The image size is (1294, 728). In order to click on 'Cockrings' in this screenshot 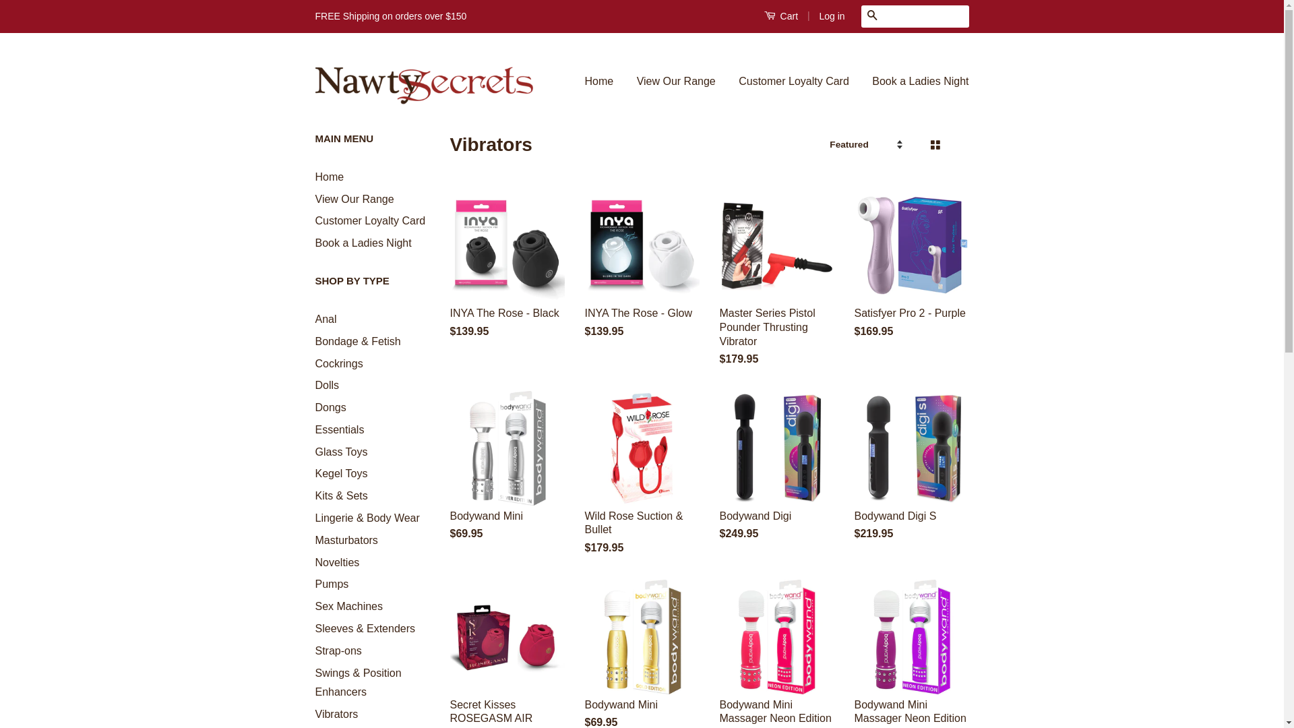, I will do `click(339, 362)`.